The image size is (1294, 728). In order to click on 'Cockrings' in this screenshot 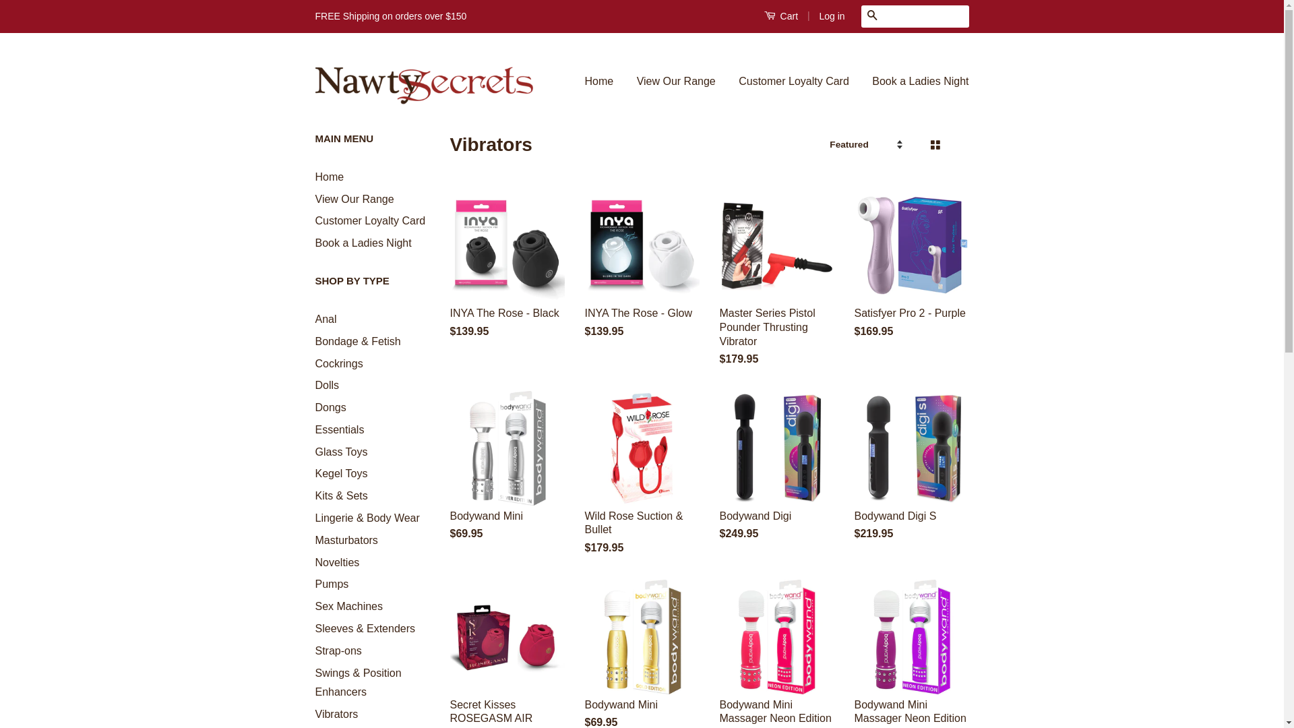, I will do `click(339, 362)`.